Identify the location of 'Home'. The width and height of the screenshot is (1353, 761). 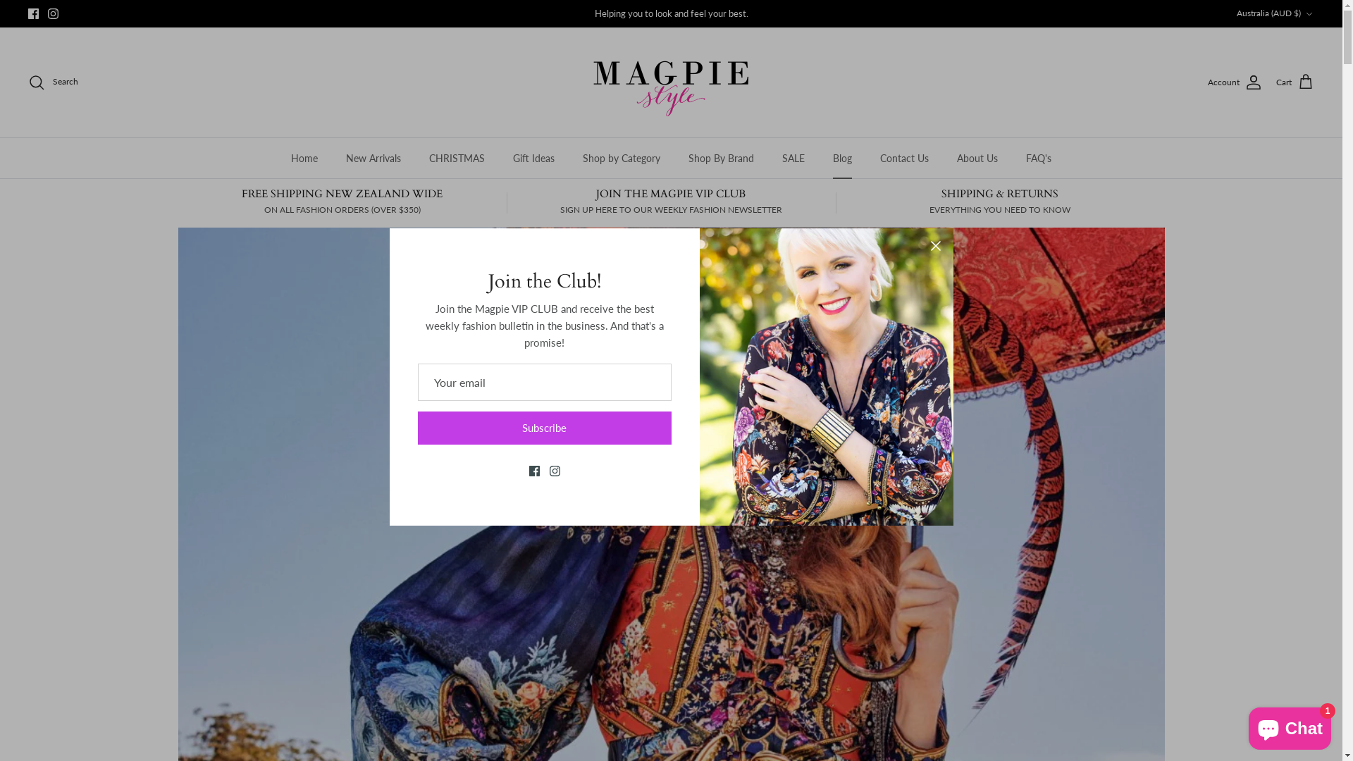
(304, 158).